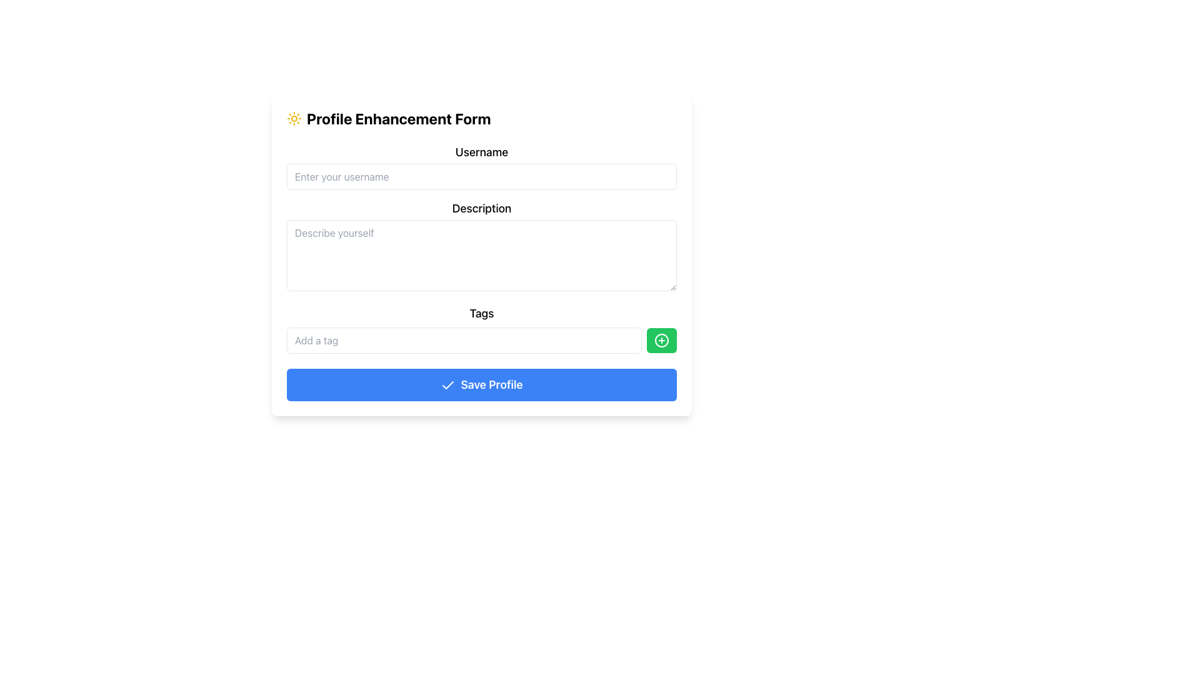 The height and width of the screenshot is (675, 1200). What do you see at coordinates (448, 385) in the screenshot?
I see `the confirmation icon located inside the 'Save Profile' button, positioned towards its left edge` at bounding box center [448, 385].